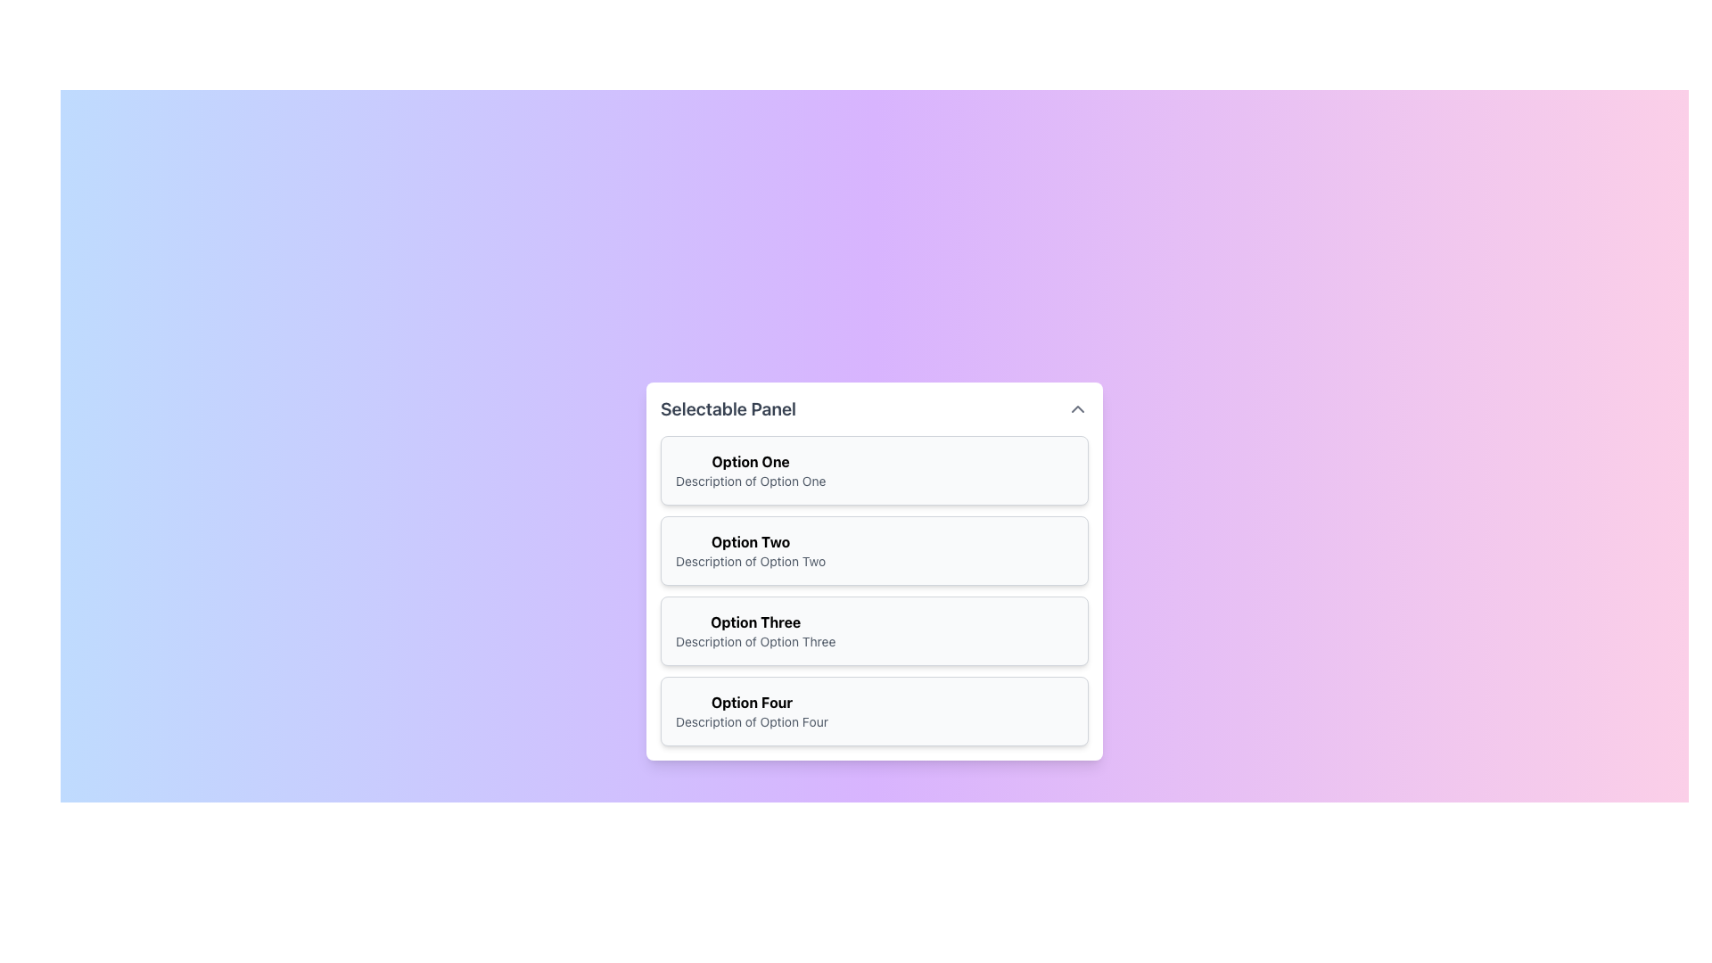 This screenshot has width=1712, height=963. What do you see at coordinates (752, 722) in the screenshot?
I see `the descriptive text label for 'Option Four' located beneath the title within the fourth card of the selectable panel` at bounding box center [752, 722].